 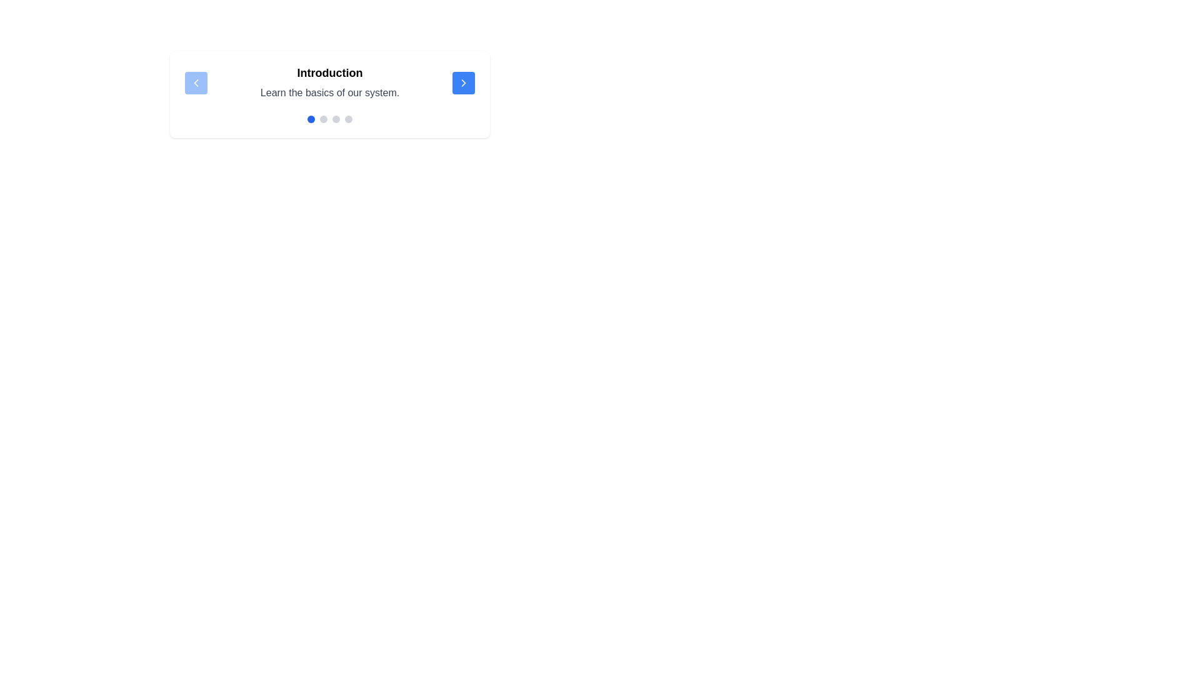 What do you see at coordinates (348, 119) in the screenshot?
I see `the fourth inactive navigation indicator dot at the bottom of the carousel` at bounding box center [348, 119].